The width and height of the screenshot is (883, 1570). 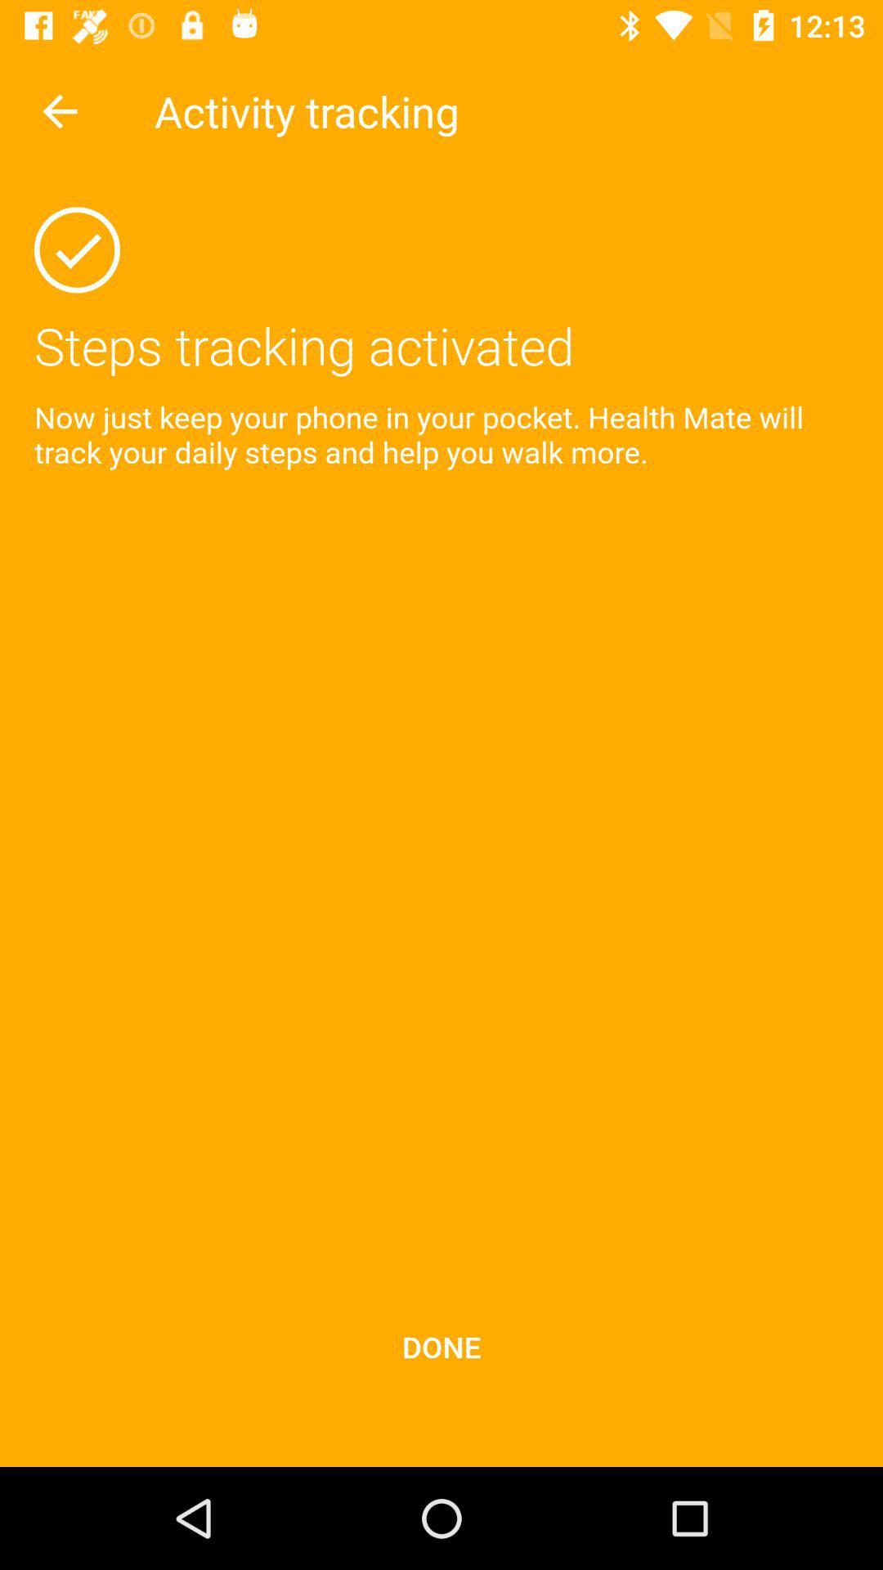 I want to click on the item next to the activity tracking icon, so click(x=59, y=110).